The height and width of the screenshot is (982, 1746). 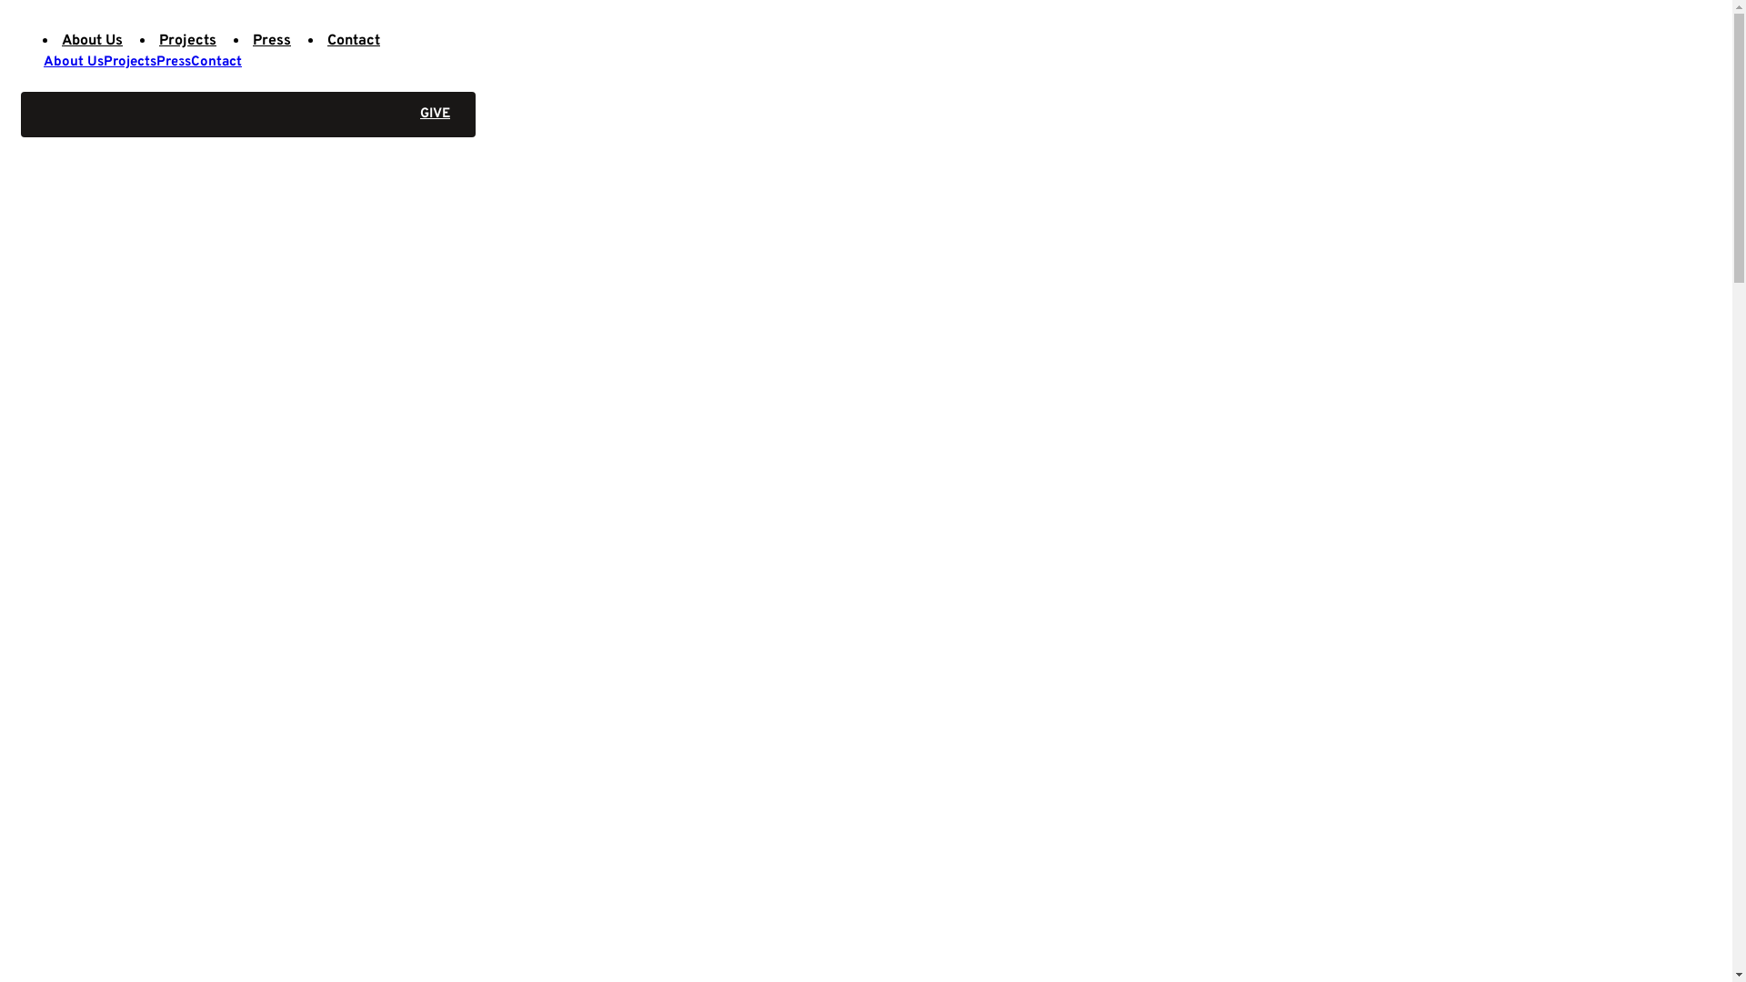 What do you see at coordinates (270, 41) in the screenshot?
I see `'Press'` at bounding box center [270, 41].